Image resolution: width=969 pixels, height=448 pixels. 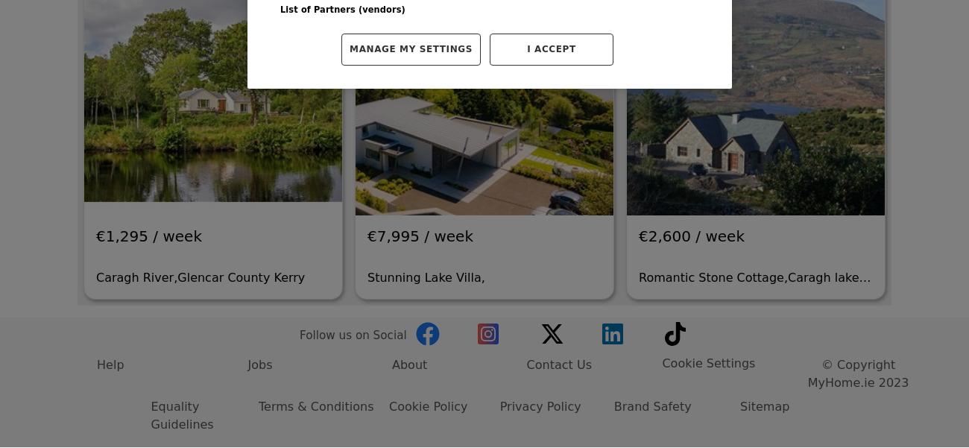 I want to click on '€1,295 / week', so click(x=148, y=85).